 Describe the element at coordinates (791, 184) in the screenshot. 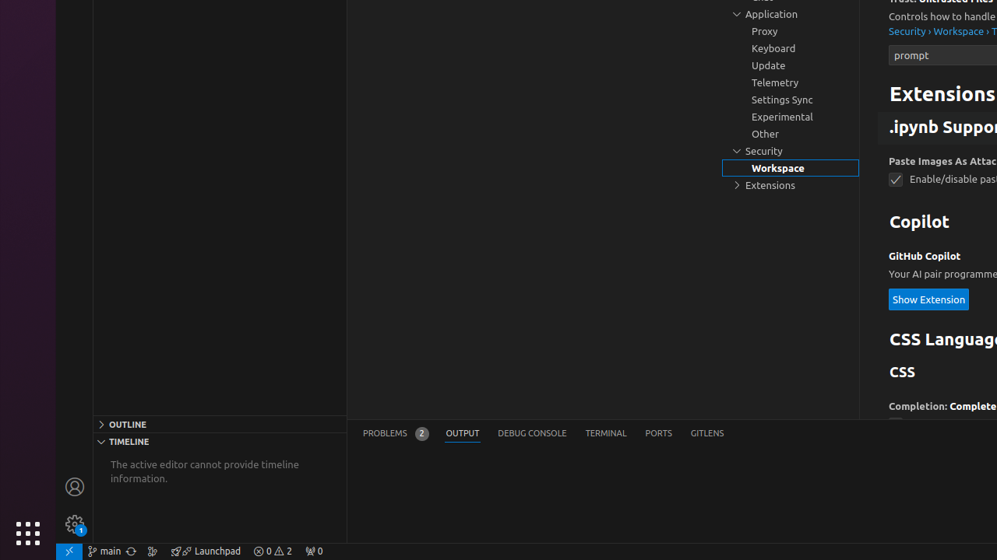

I see `'Extensions, group'` at that location.